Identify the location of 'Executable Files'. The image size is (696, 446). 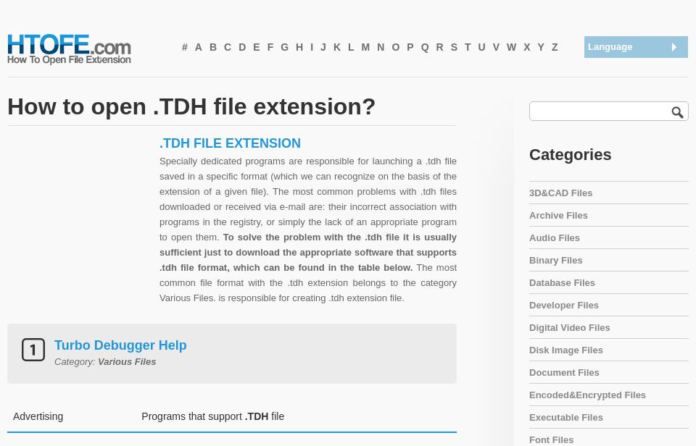
(528, 417).